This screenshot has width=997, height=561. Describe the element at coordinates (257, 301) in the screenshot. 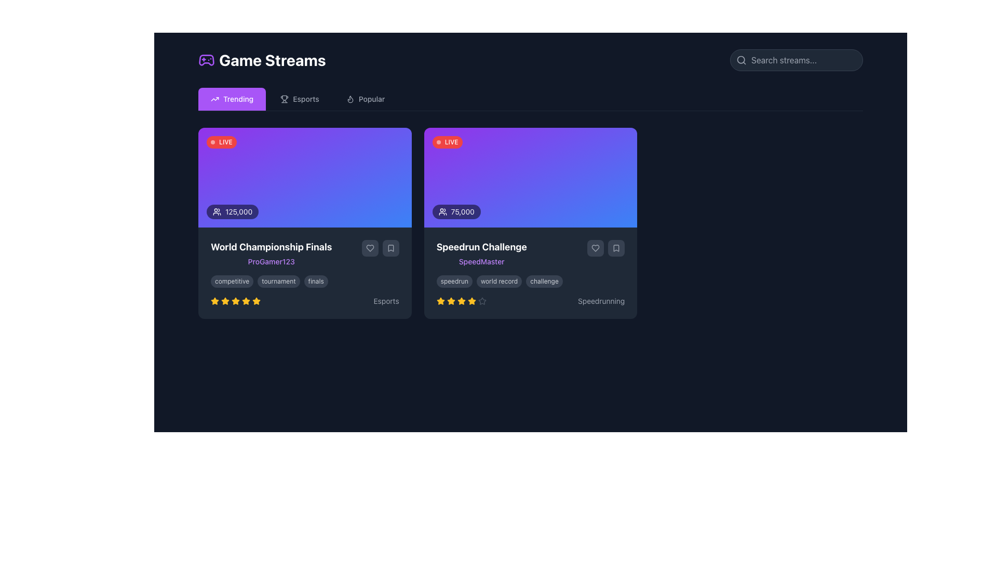

I see `the fifth star icon in the rating component for the 'World Championship Finals' card` at that location.